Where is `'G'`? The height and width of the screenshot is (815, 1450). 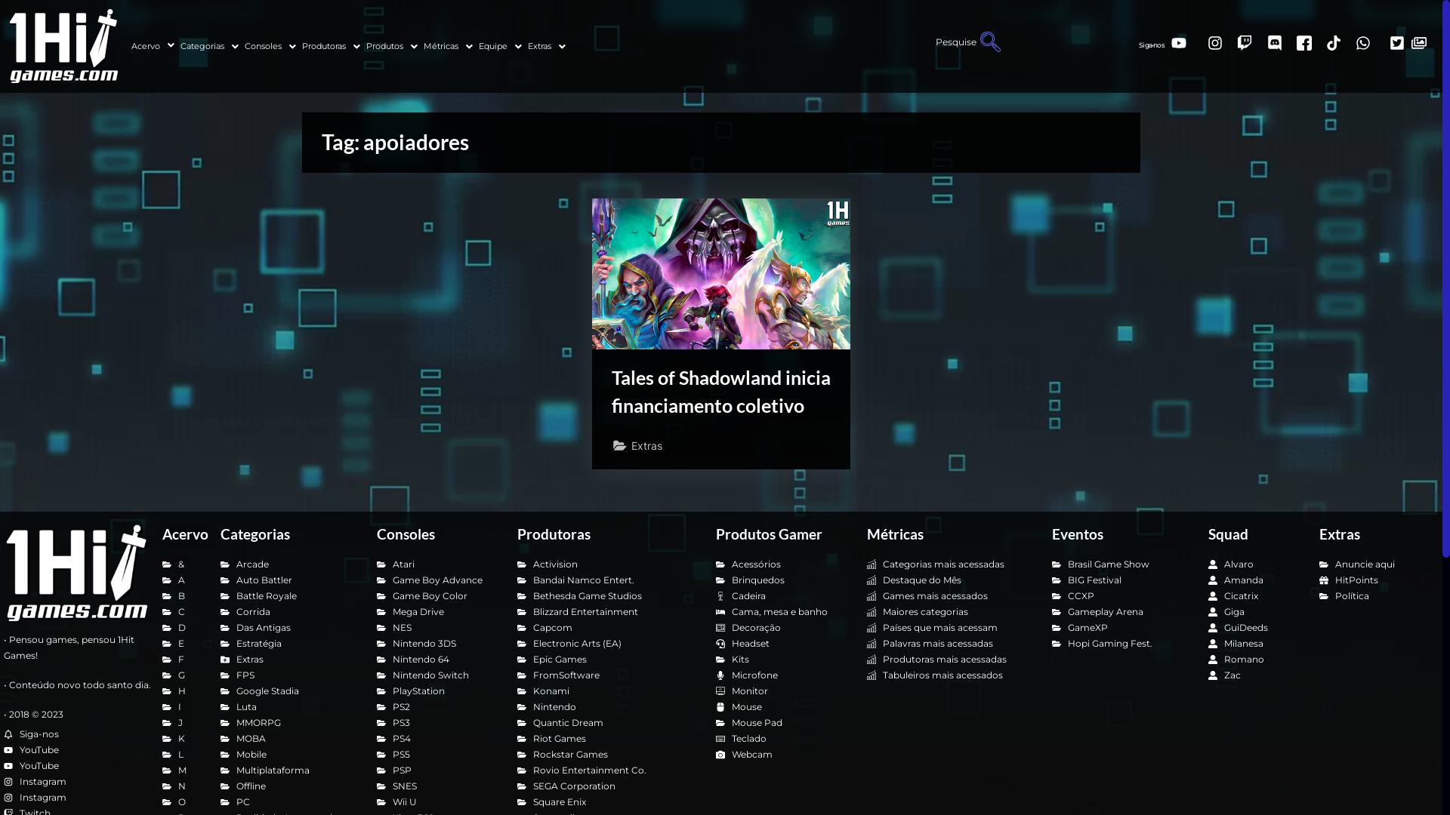
'G' is located at coordinates (183, 674).